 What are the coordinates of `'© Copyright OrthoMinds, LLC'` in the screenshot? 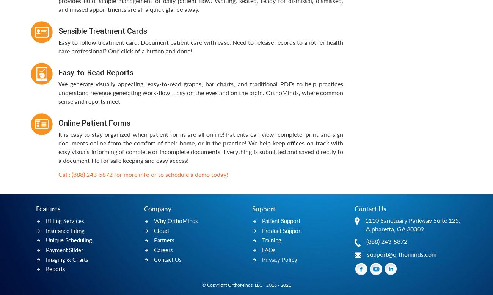 It's located at (232, 284).